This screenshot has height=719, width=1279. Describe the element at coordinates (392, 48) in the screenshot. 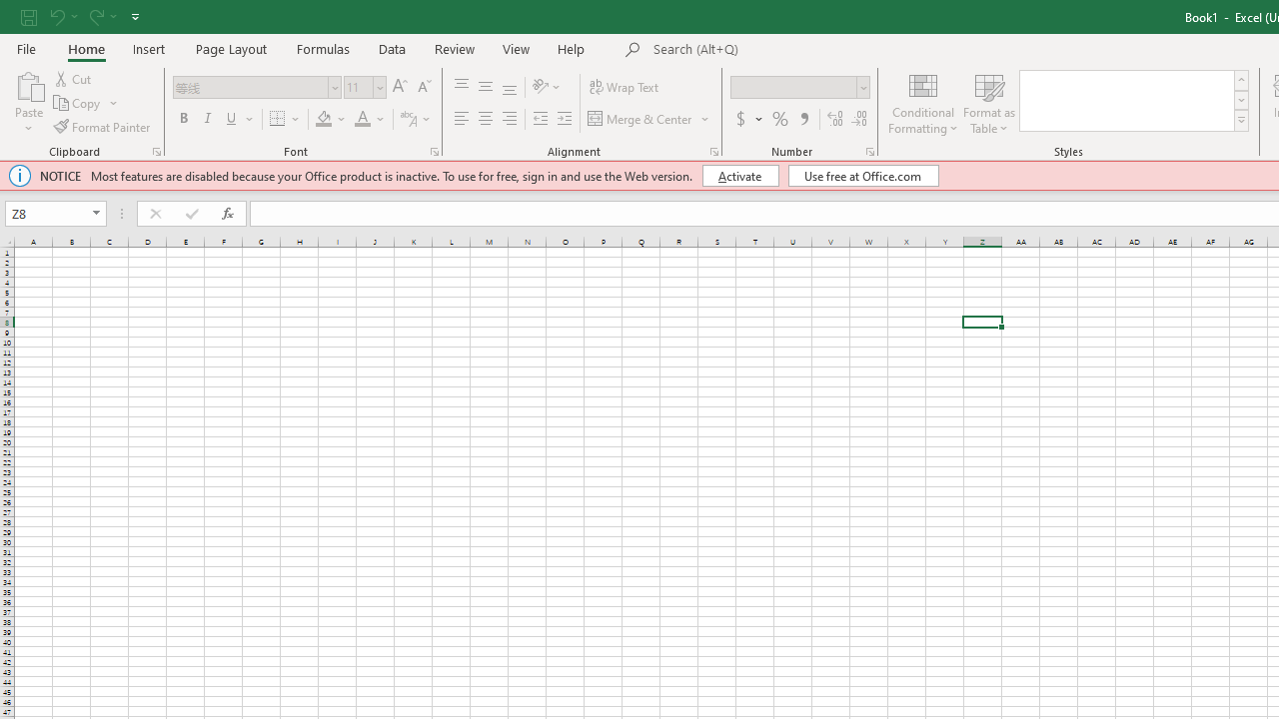

I see `'Data'` at that location.